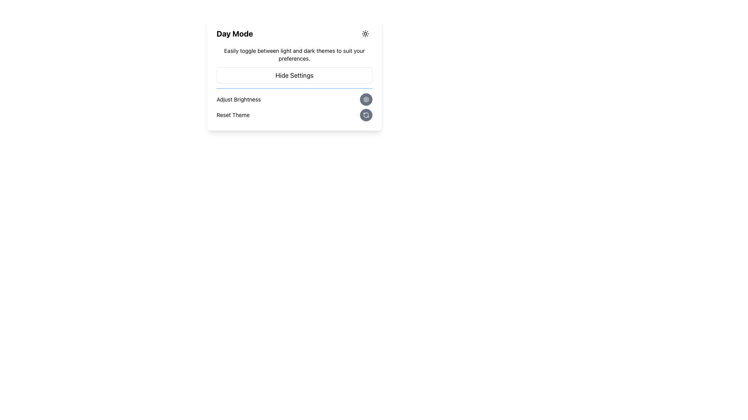 The height and width of the screenshot is (420, 748). What do you see at coordinates (294, 54) in the screenshot?
I see `descriptive text about toggling between light and dark themes, located directly below the 'Day Mode' header and above the 'Hide Settings' button in the settings panel` at bounding box center [294, 54].